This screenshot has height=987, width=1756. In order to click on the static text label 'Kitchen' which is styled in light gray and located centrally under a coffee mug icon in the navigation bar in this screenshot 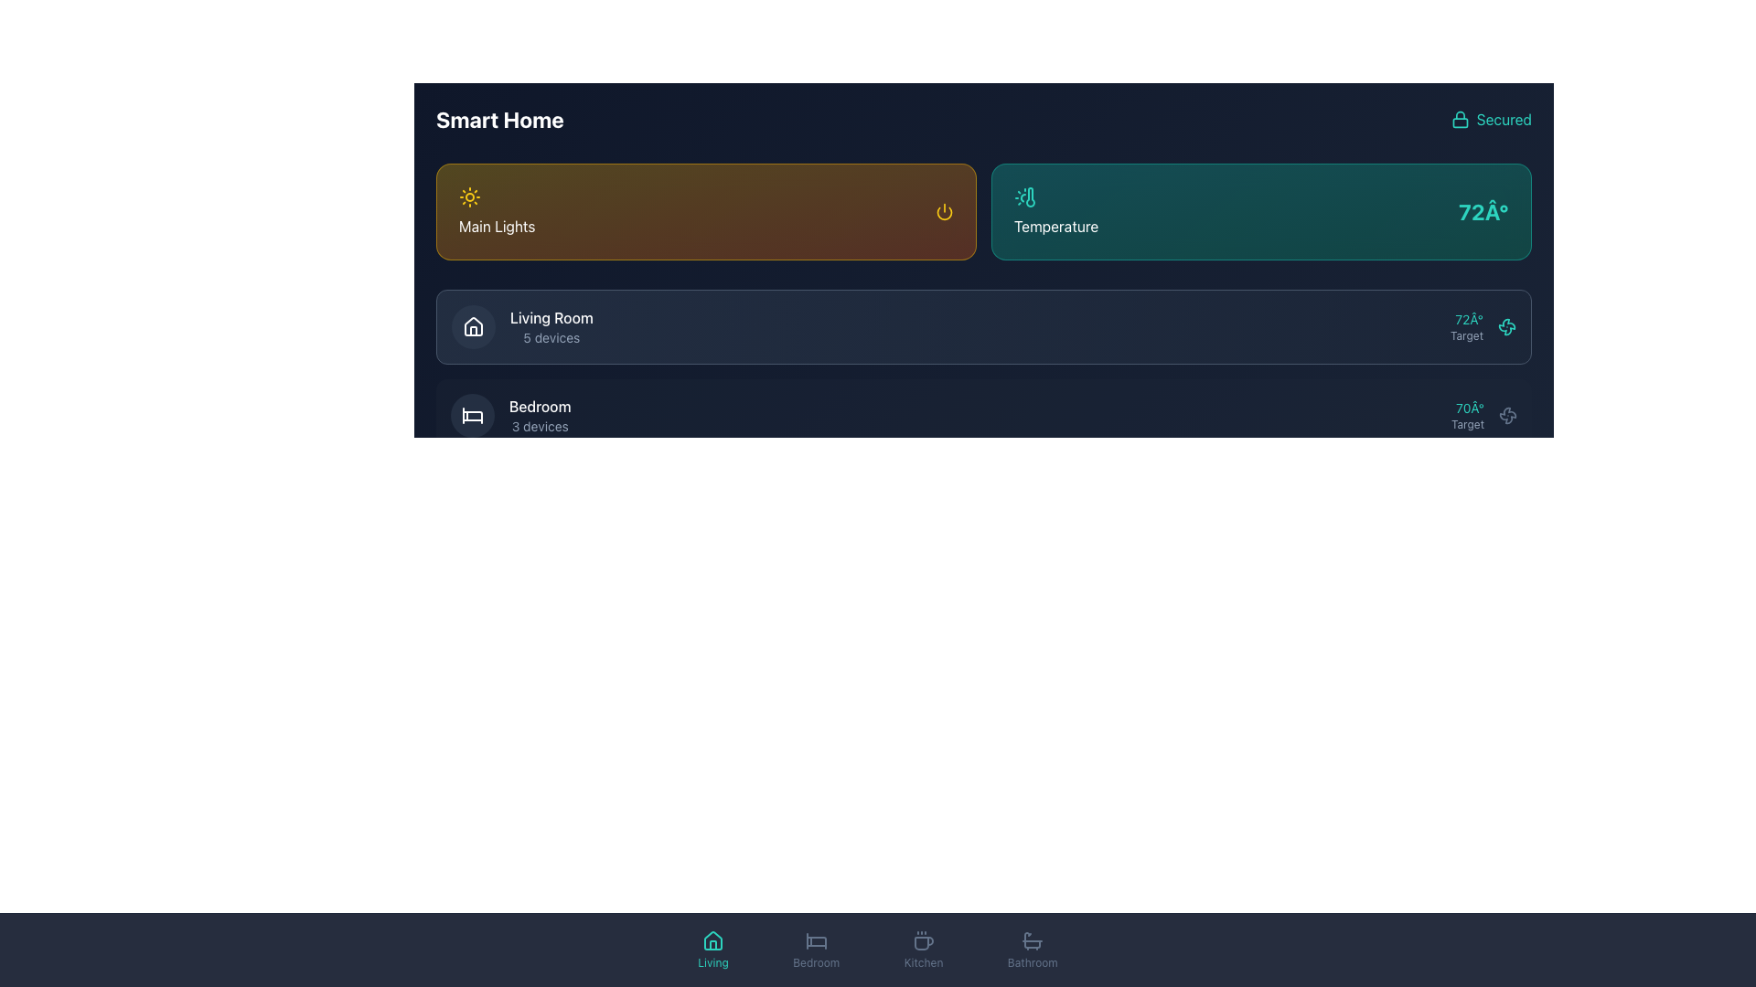, I will do `click(924, 961)`.